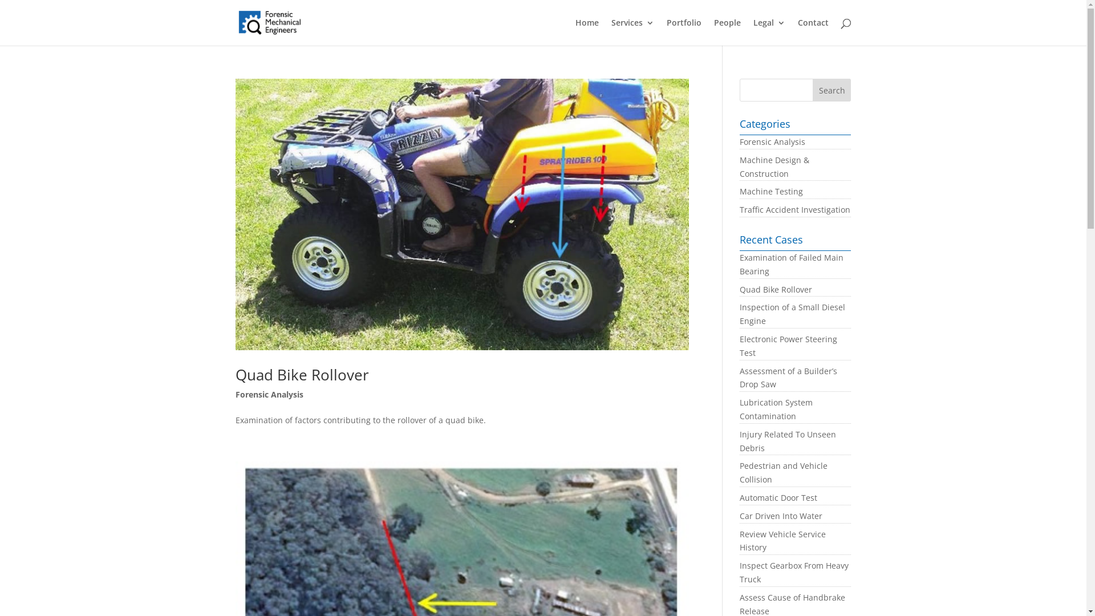  What do you see at coordinates (268, 394) in the screenshot?
I see `'Forensic Analysis'` at bounding box center [268, 394].